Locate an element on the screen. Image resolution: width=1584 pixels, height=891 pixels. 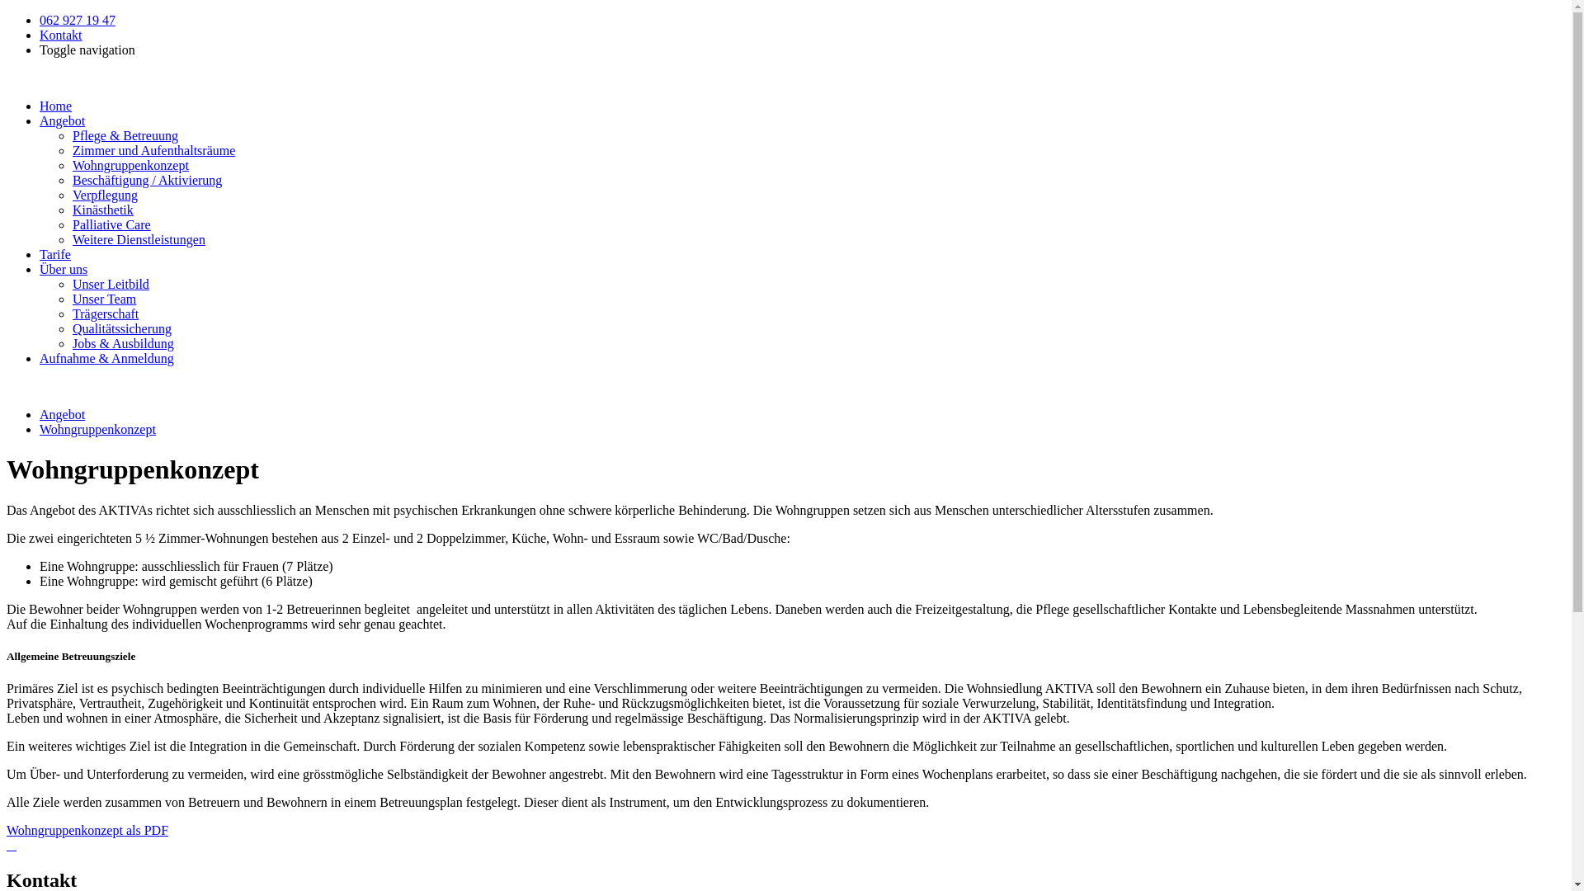
'062 927 19 47' is located at coordinates (77, 20).